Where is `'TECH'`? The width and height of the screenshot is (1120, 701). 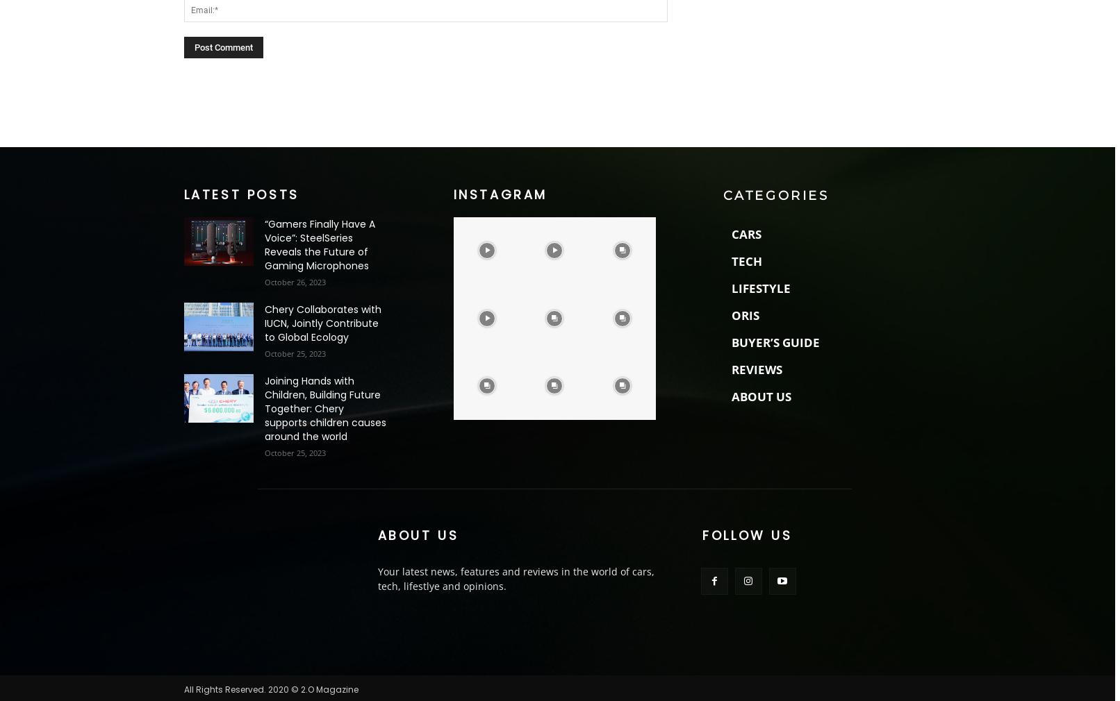 'TECH' is located at coordinates (746, 260).